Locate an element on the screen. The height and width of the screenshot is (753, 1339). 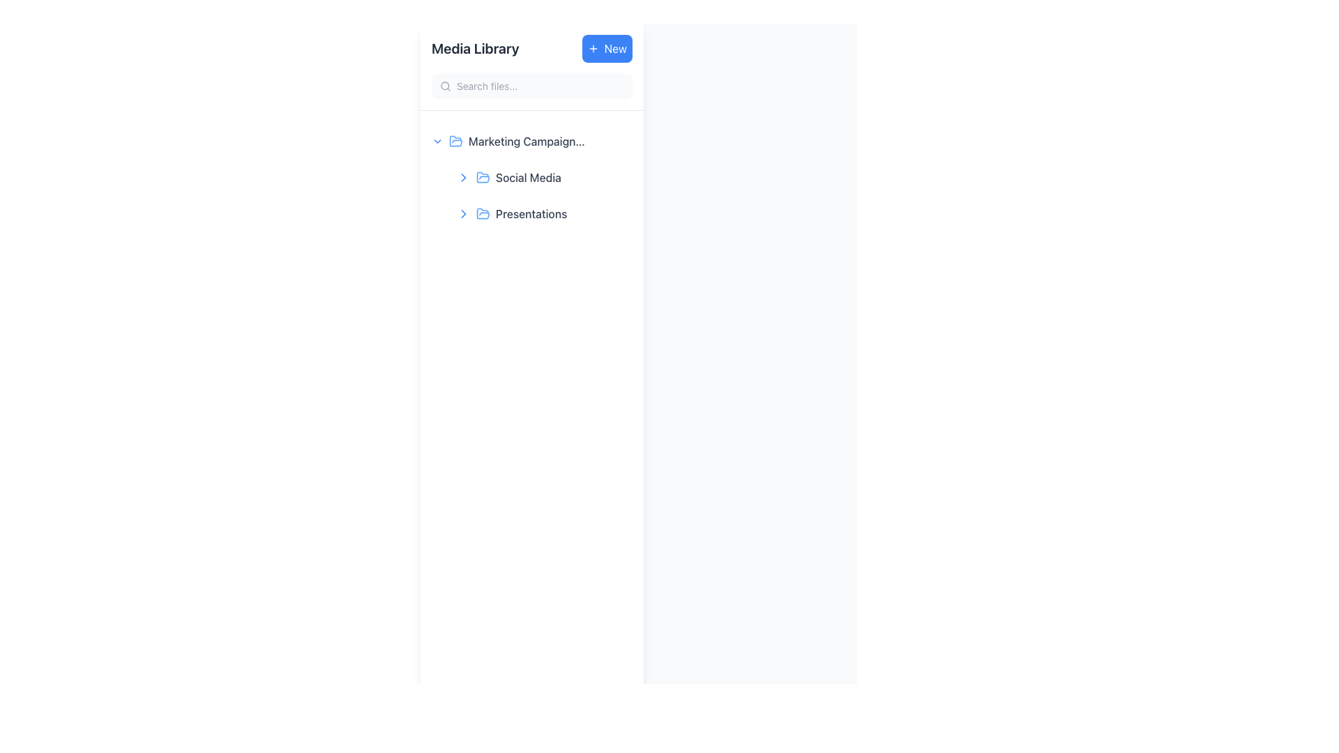
the downward-pointing chevron icon in the collapsible 'Marketing Campaigns' folder for accessibility is located at coordinates (464, 176).